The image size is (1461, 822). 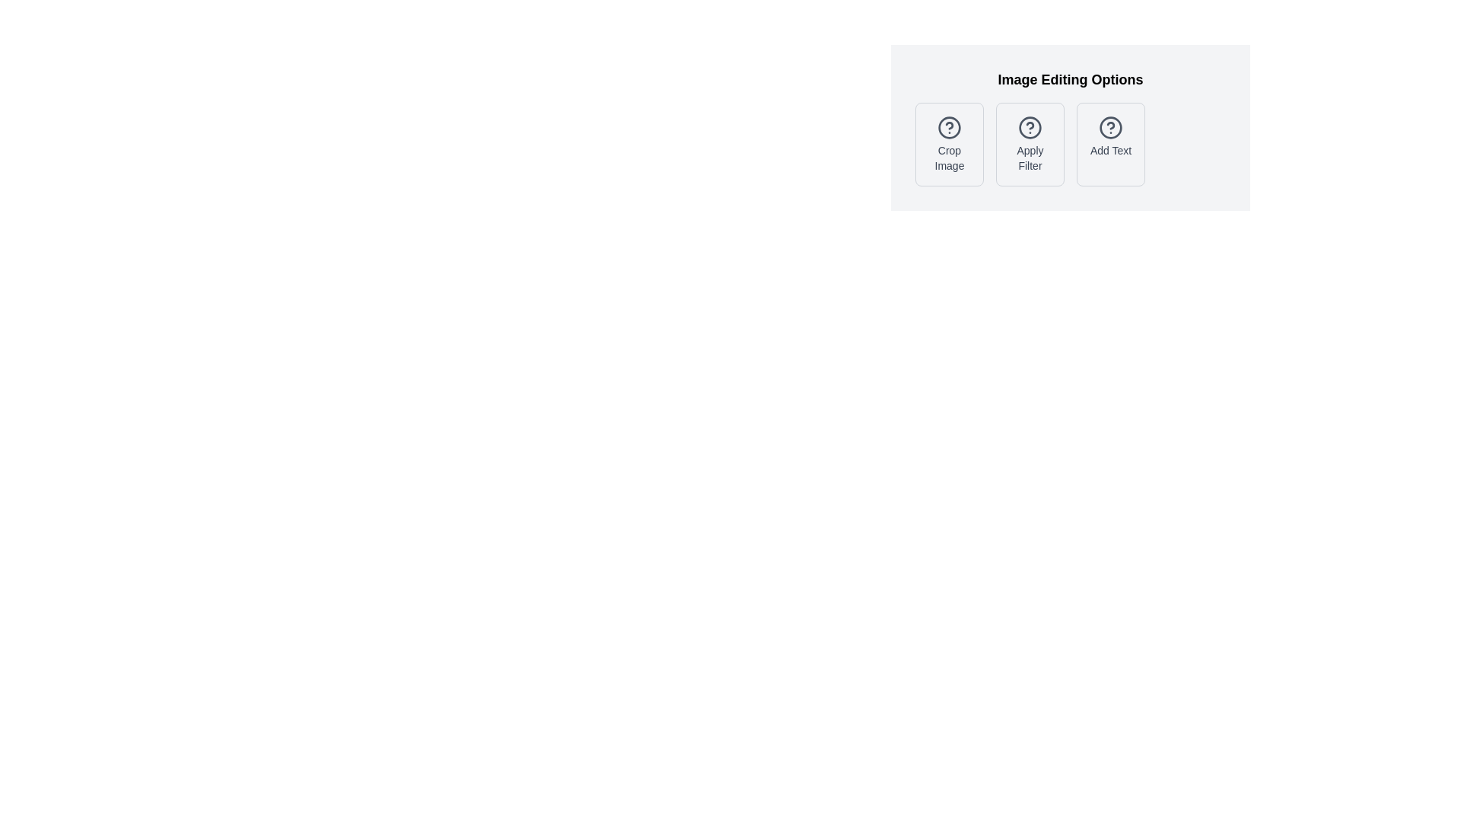 What do you see at coordinates (1030, 127) in the screenshot?
I see `the circular outline element of the question mark styled icon located centrally in the 'Image Editing Options' group` at bounding box center [1030, 127].